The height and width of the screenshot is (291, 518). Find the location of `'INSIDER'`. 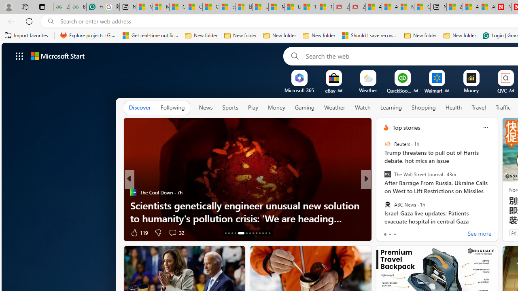

'INSIDER' is located at coordinates (382, 192).